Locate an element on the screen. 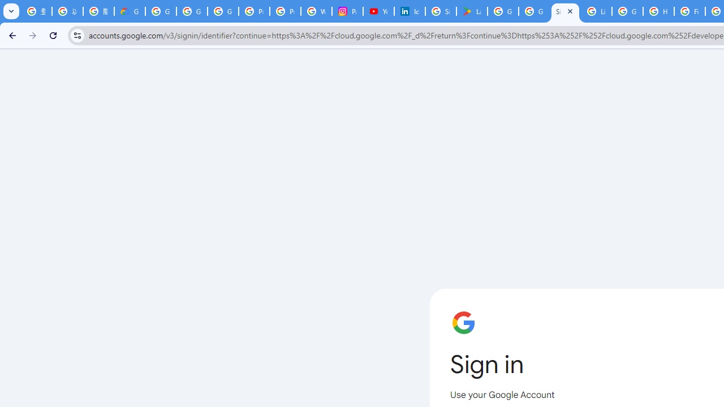 The height and width of the screenshot is (407, 724). 'Privacy Help Center - Policies Help' is located at coordinates (285, 11).